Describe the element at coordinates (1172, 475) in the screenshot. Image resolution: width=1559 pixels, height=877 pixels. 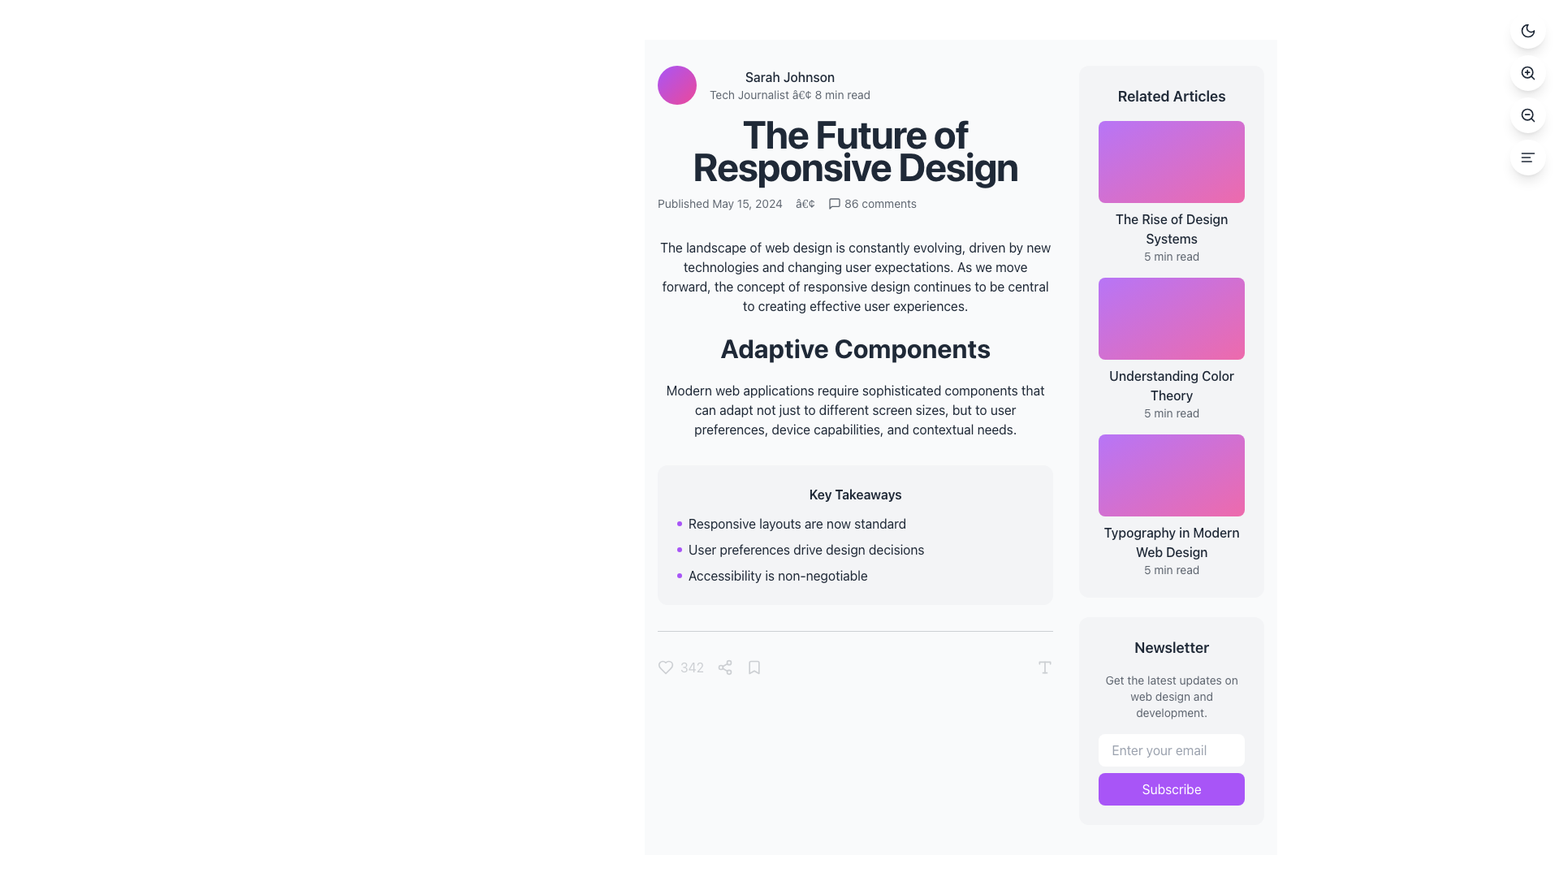
I see `the visual thumbnail representing the article 'Typography in Modern Web Design' located in the 'Related Articles' section` at that location.